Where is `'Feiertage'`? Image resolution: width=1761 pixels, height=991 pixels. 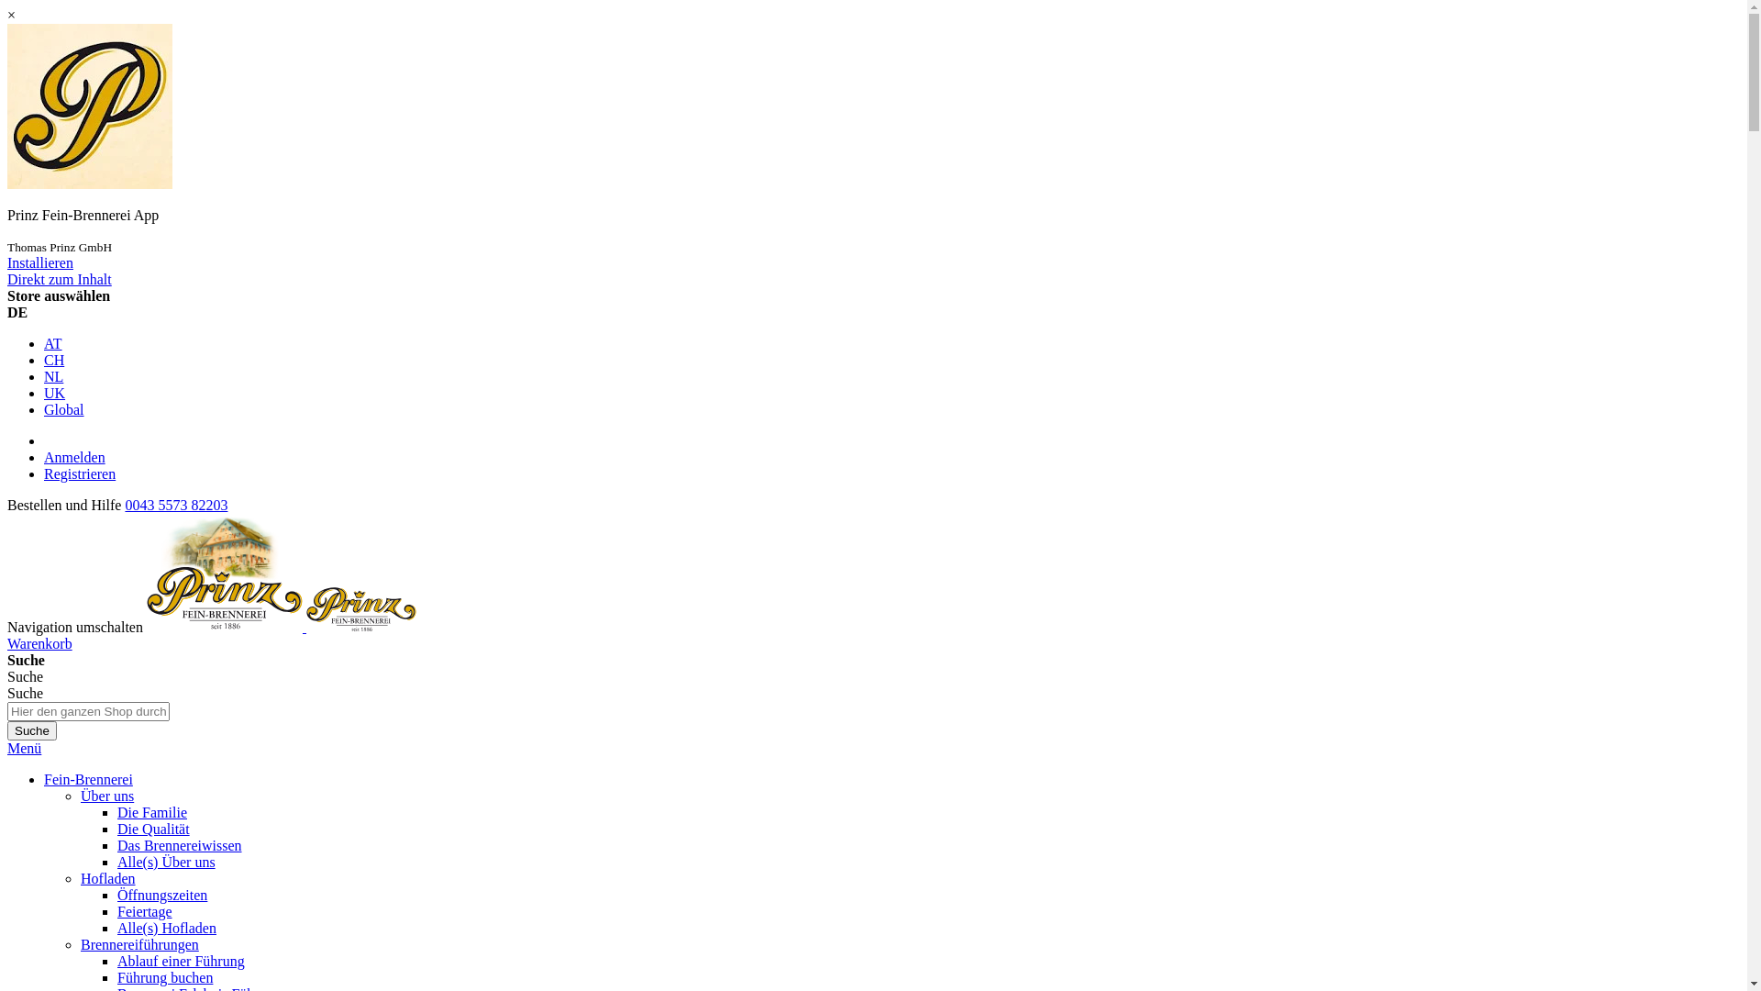 'Feiertage' is located at coordinates (116, 911).